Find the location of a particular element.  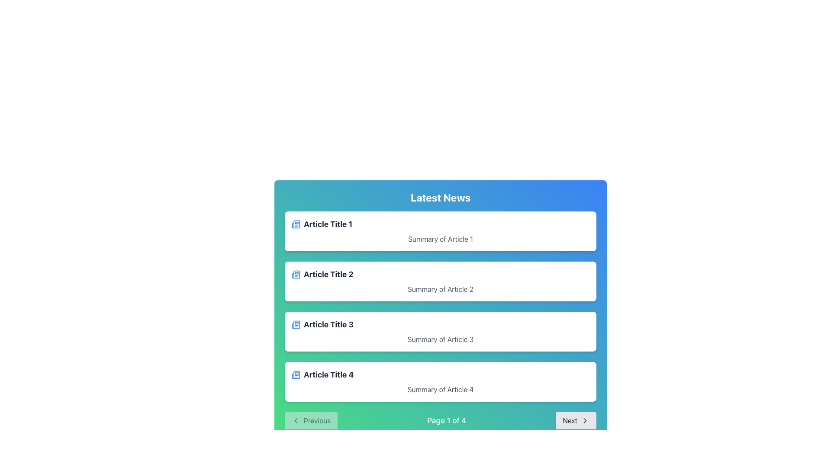

the 'Next' navigation icon located in the bottom-right corner of the layout, adjacent to the text label 'Next' is located at coordinates (585, 420).